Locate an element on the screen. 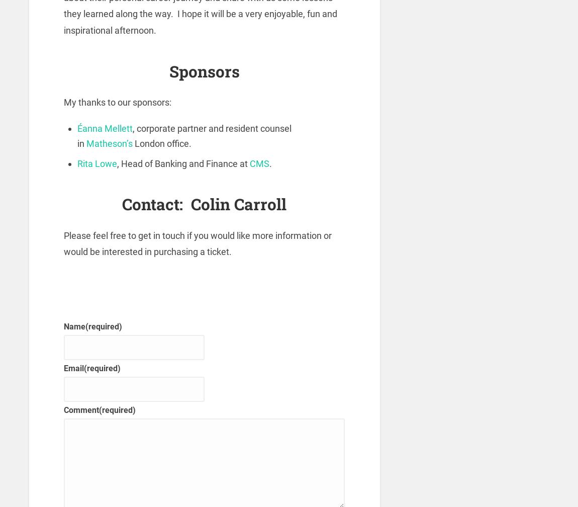 This screenshot has width=578, height=507. 'London office.' is located at coordinates (163, 143).